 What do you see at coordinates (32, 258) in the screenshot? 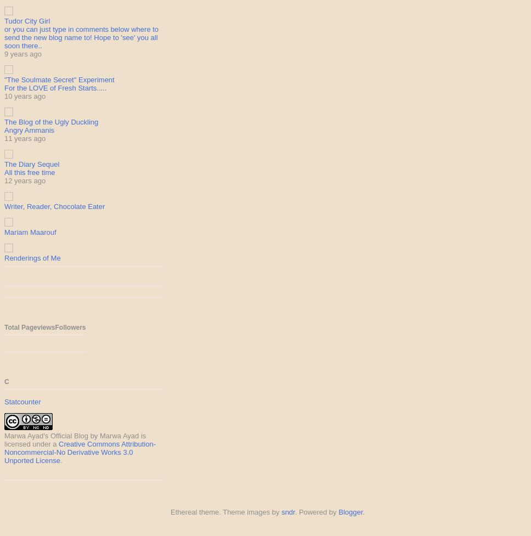
I see `'Renderings of Me'` at bounding box center [32, 258].